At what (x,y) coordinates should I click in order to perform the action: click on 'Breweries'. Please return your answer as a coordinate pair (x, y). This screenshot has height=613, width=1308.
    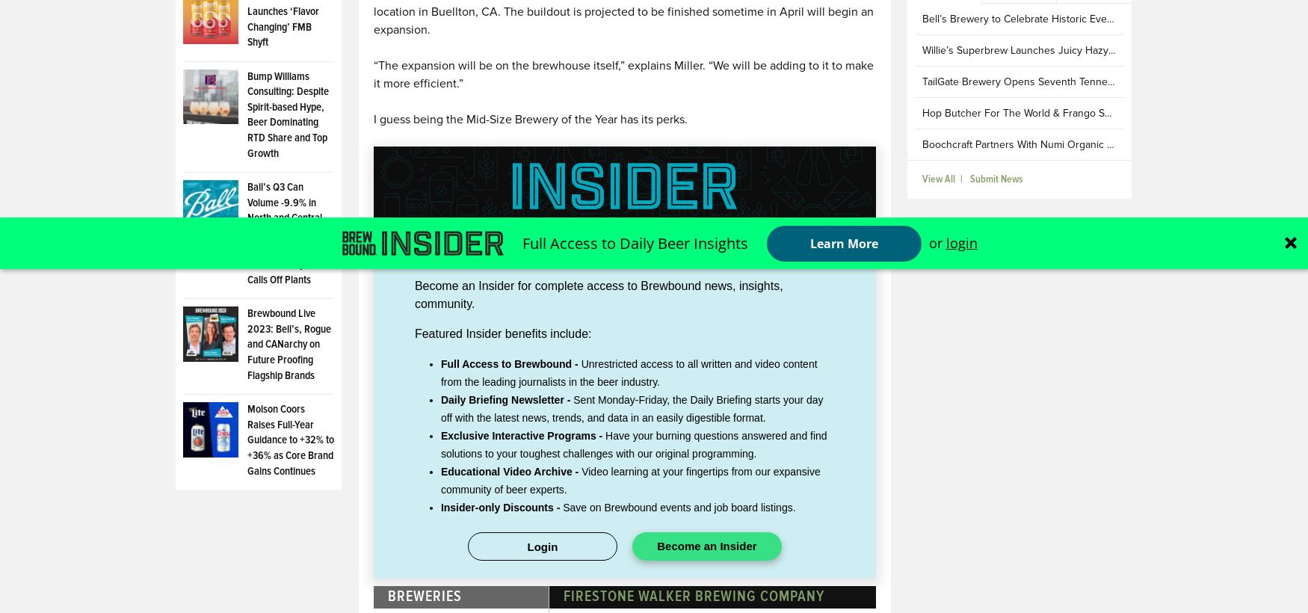
    Looking at the image, I should click on (386, 597).